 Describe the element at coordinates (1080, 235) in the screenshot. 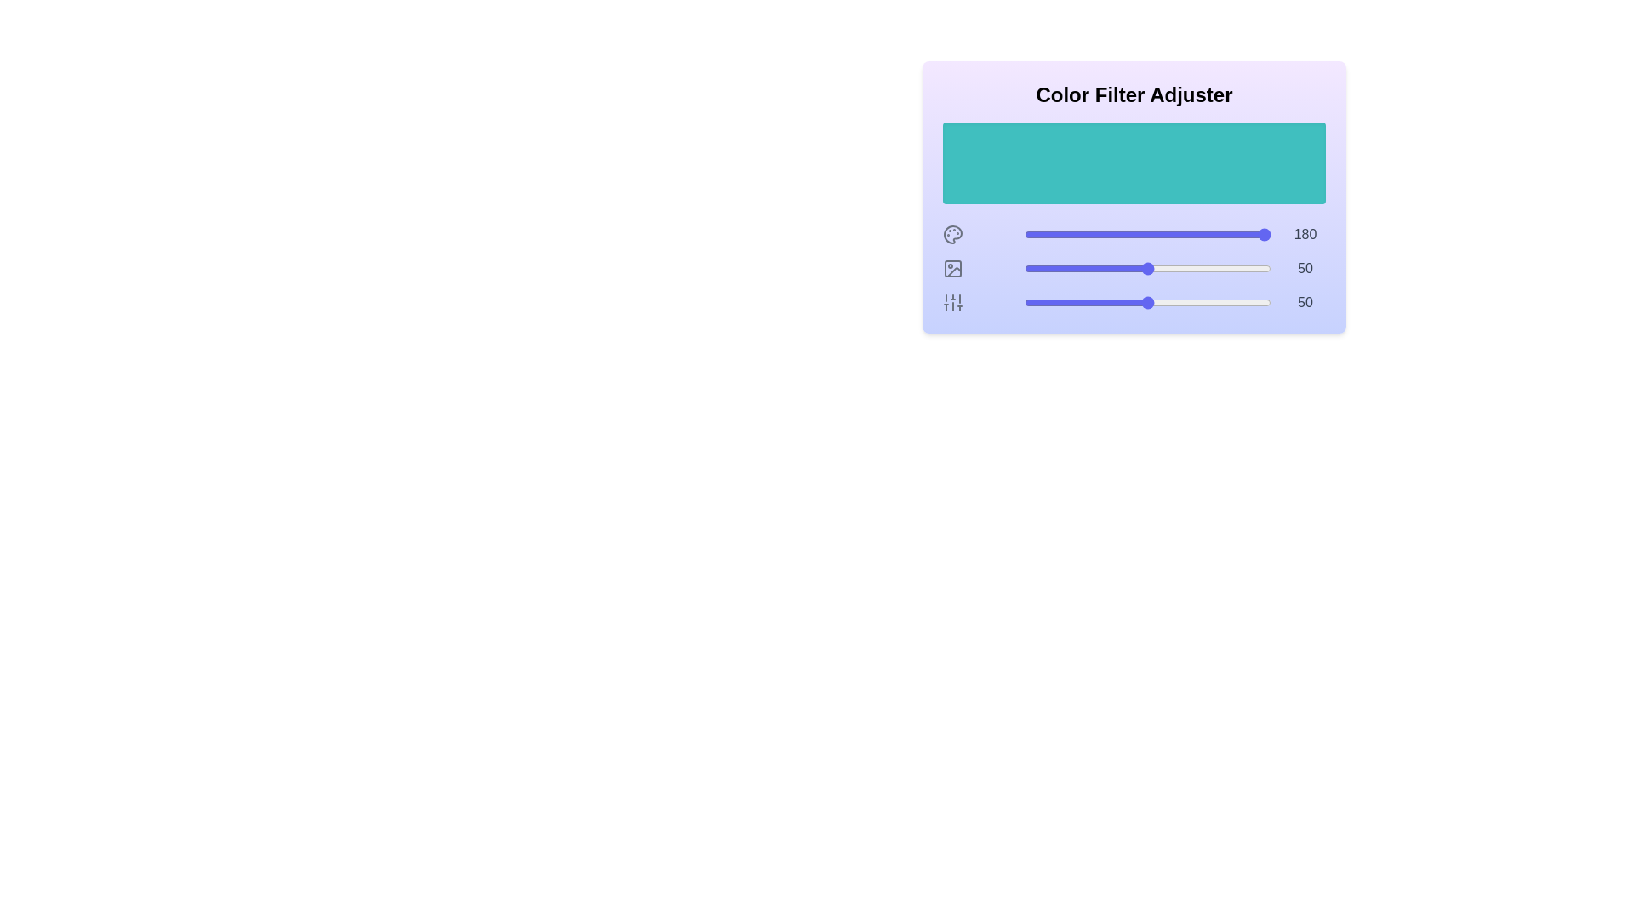

I see `the 0 slider to 23 to observe the color preview area` at that location.